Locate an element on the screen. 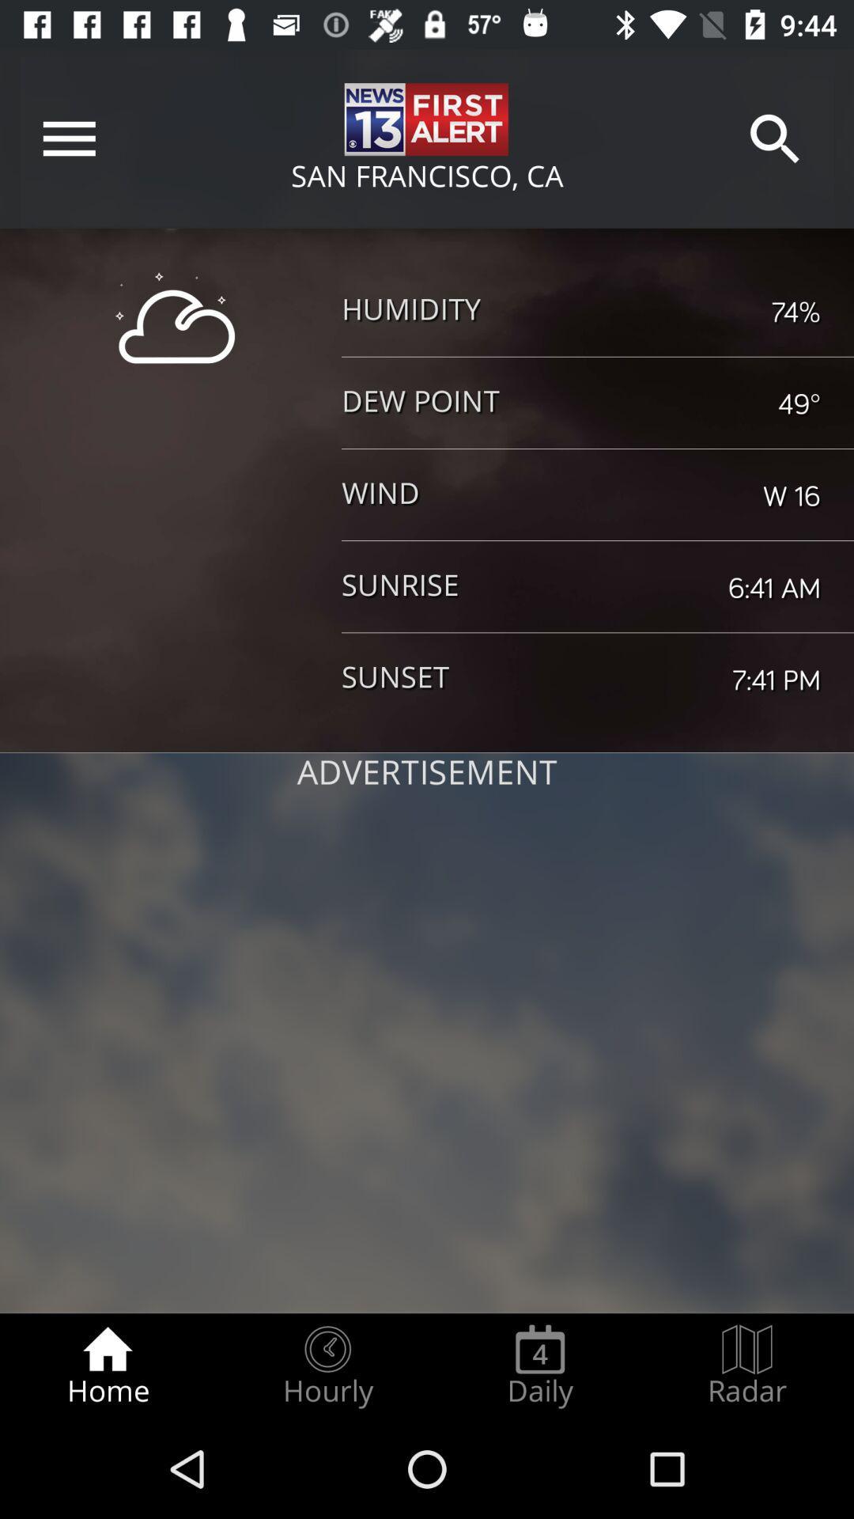  hourly item is located at coordinates (327, 1366).